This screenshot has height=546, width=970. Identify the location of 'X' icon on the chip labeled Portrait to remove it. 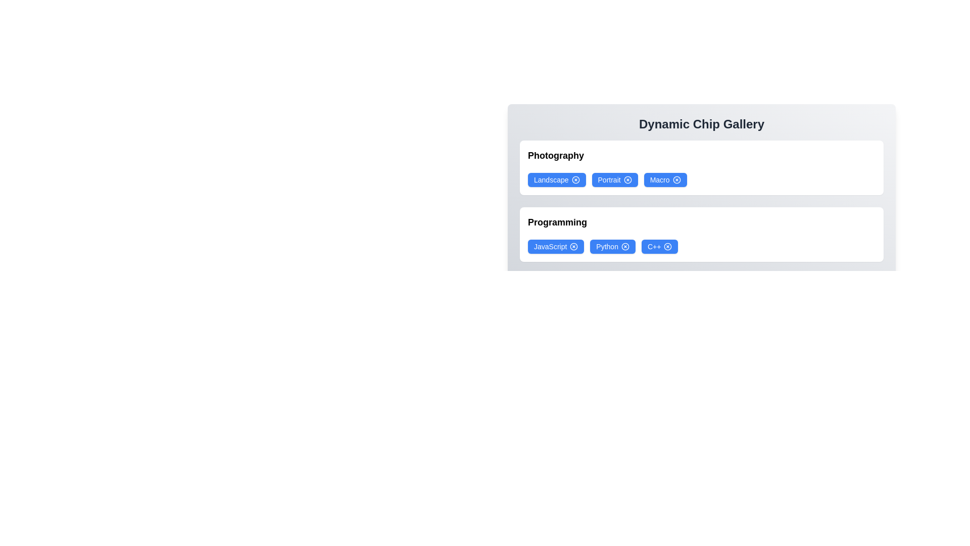
(627, 179).